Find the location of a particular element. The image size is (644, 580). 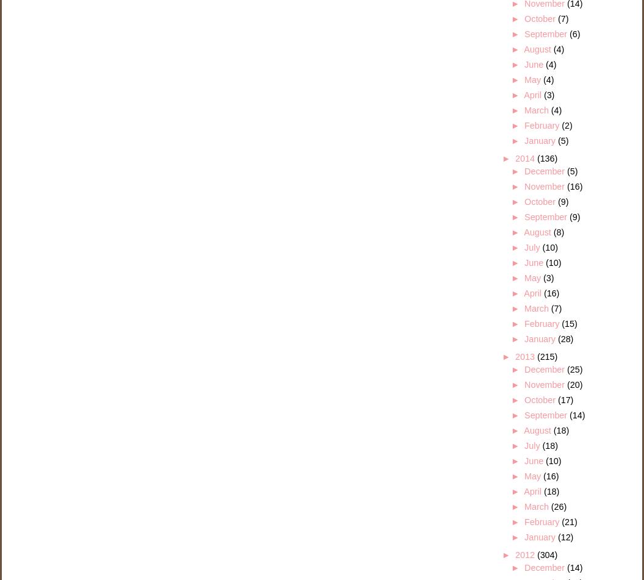

'(25)' is located at coordinates (574, 368).